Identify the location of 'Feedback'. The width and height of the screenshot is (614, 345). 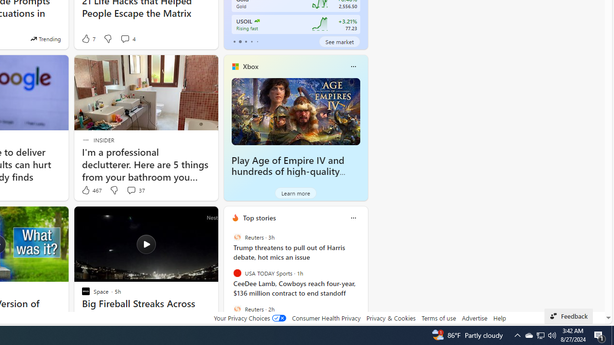
(568, 316).